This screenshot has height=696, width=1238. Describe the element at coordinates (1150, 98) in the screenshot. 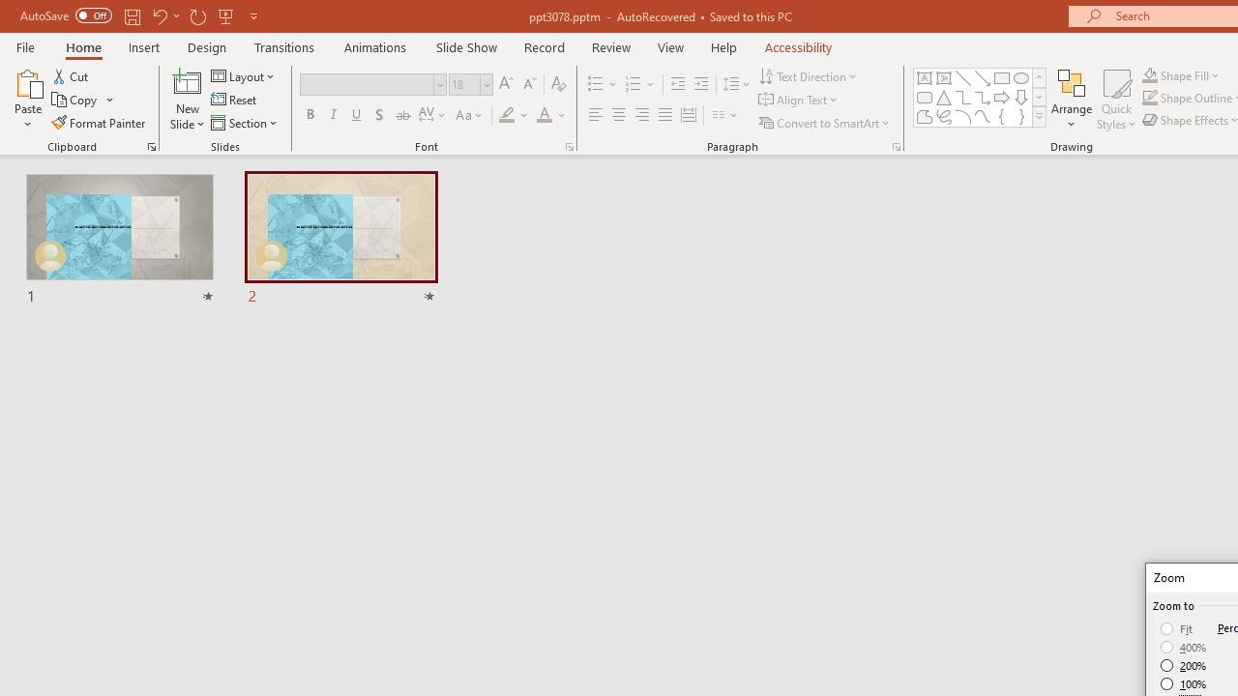

I see `'Shape Outline Green, Accent 1'` at that location.